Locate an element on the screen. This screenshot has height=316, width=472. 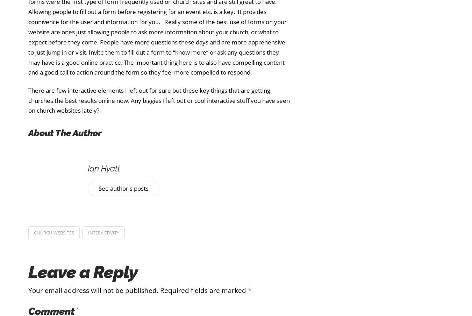
'Leave a Reply' is located at coordinates (28, 272).